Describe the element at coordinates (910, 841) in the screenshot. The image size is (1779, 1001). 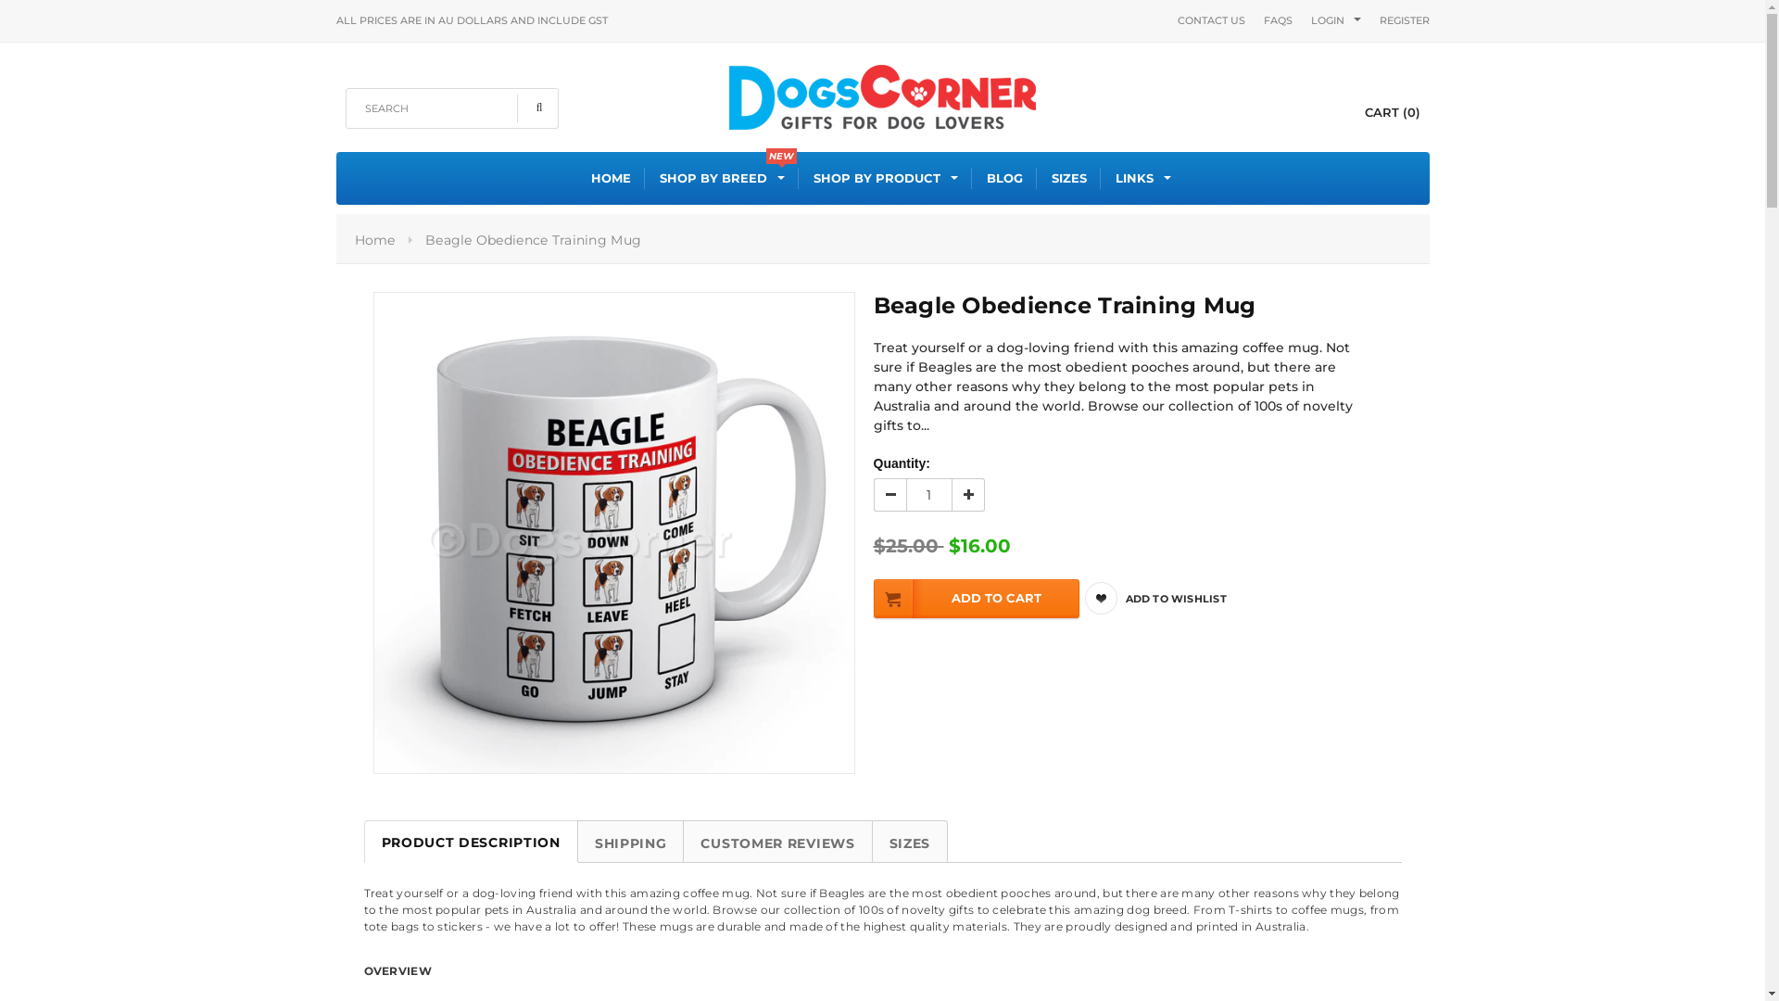
I see `'SIZES'` at that location.